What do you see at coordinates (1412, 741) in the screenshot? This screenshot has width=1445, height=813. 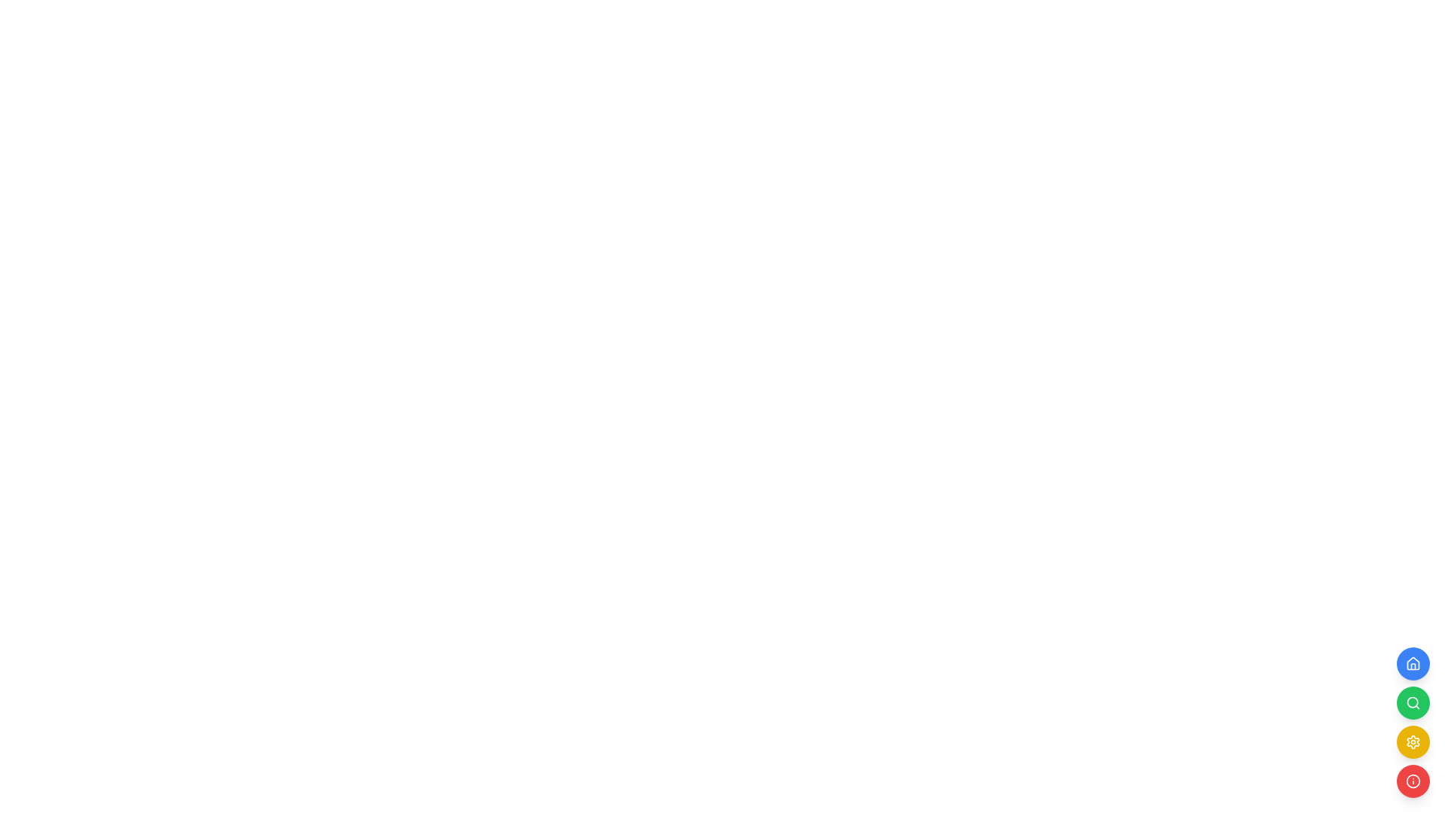 I see `the gear icon button, which is a white icon on a yellow circular background, located in the bottom-right corner of the vertical navigation menu` at bounding box center [1412, 741].